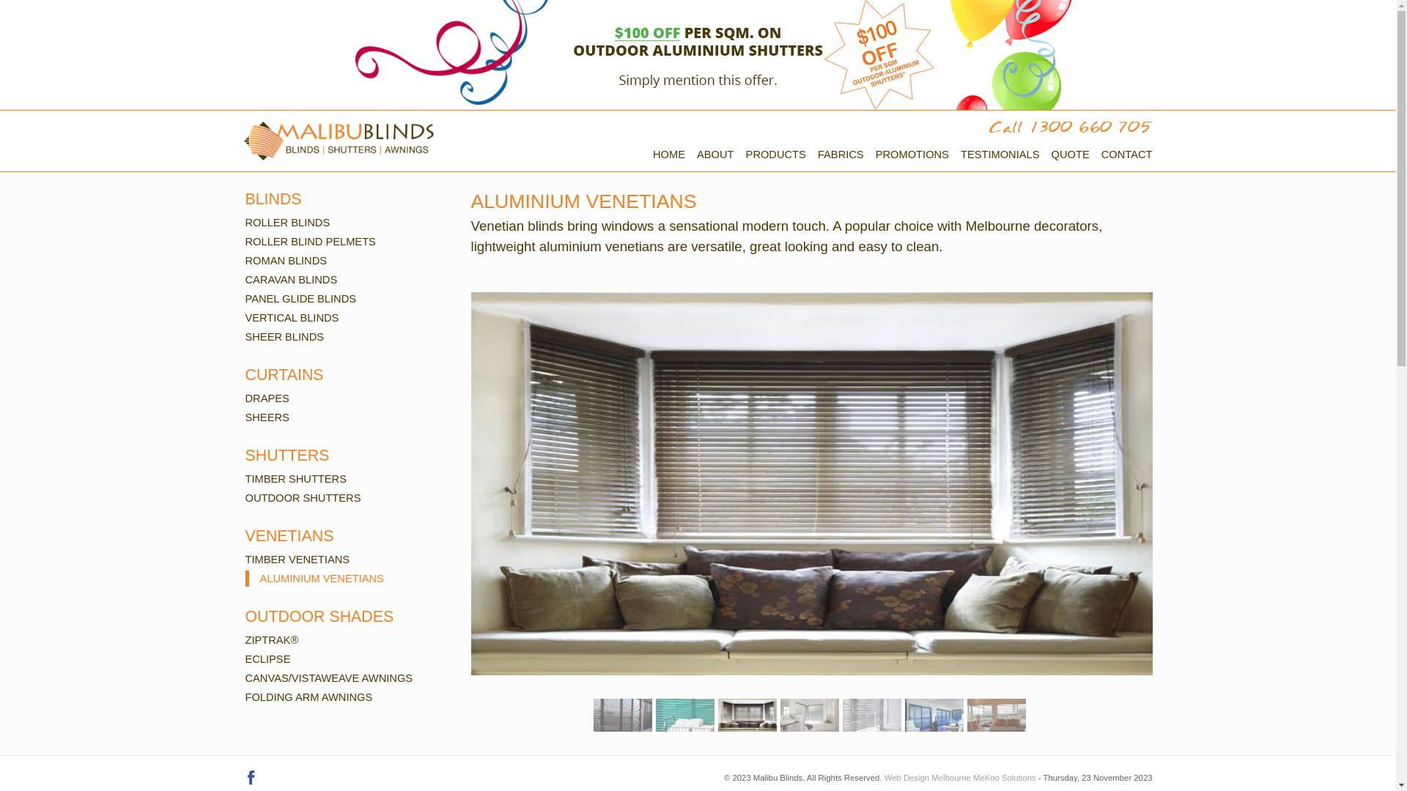  I want to click on 'PROMOTIONS', so click(911, 155).